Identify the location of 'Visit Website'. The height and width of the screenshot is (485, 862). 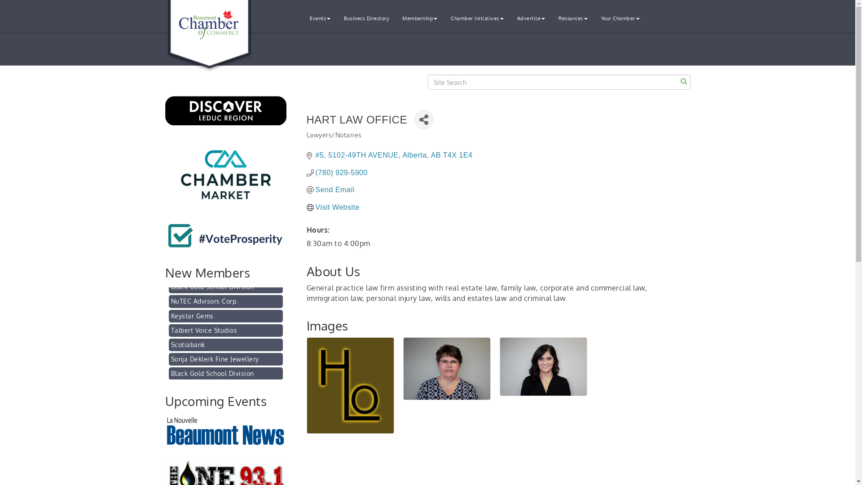
(336, 207).